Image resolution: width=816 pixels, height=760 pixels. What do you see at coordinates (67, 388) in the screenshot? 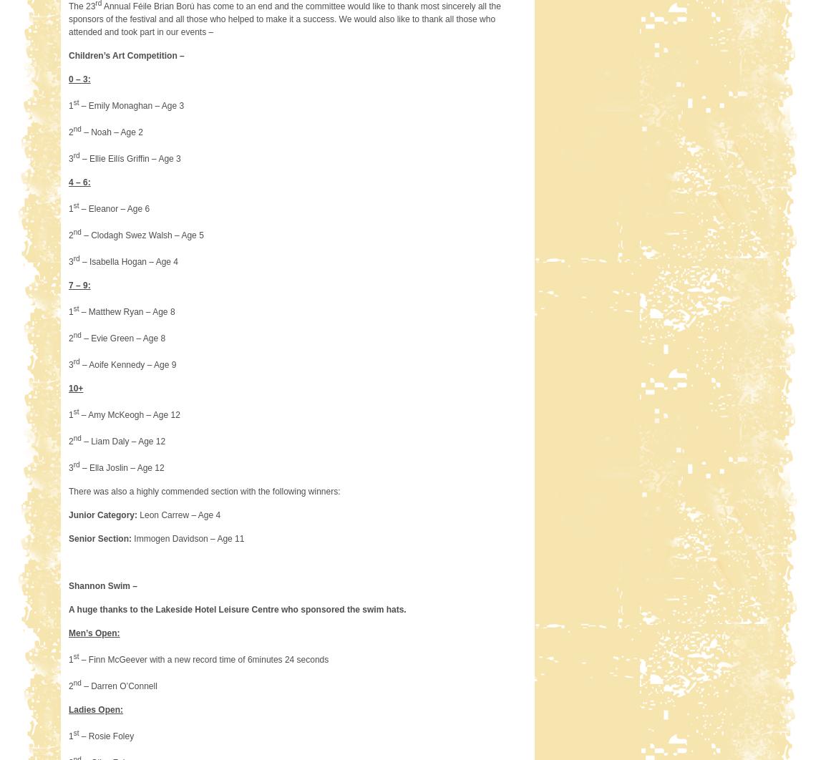
I see `'10+'` at bounding box center [67, 388].